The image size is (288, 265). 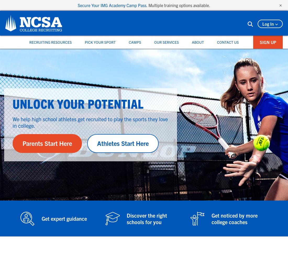 What do you see at coordinates (170, 82) in the screenshot?
I see `'Meet Our Experts'` at bounding box center [170, 82].